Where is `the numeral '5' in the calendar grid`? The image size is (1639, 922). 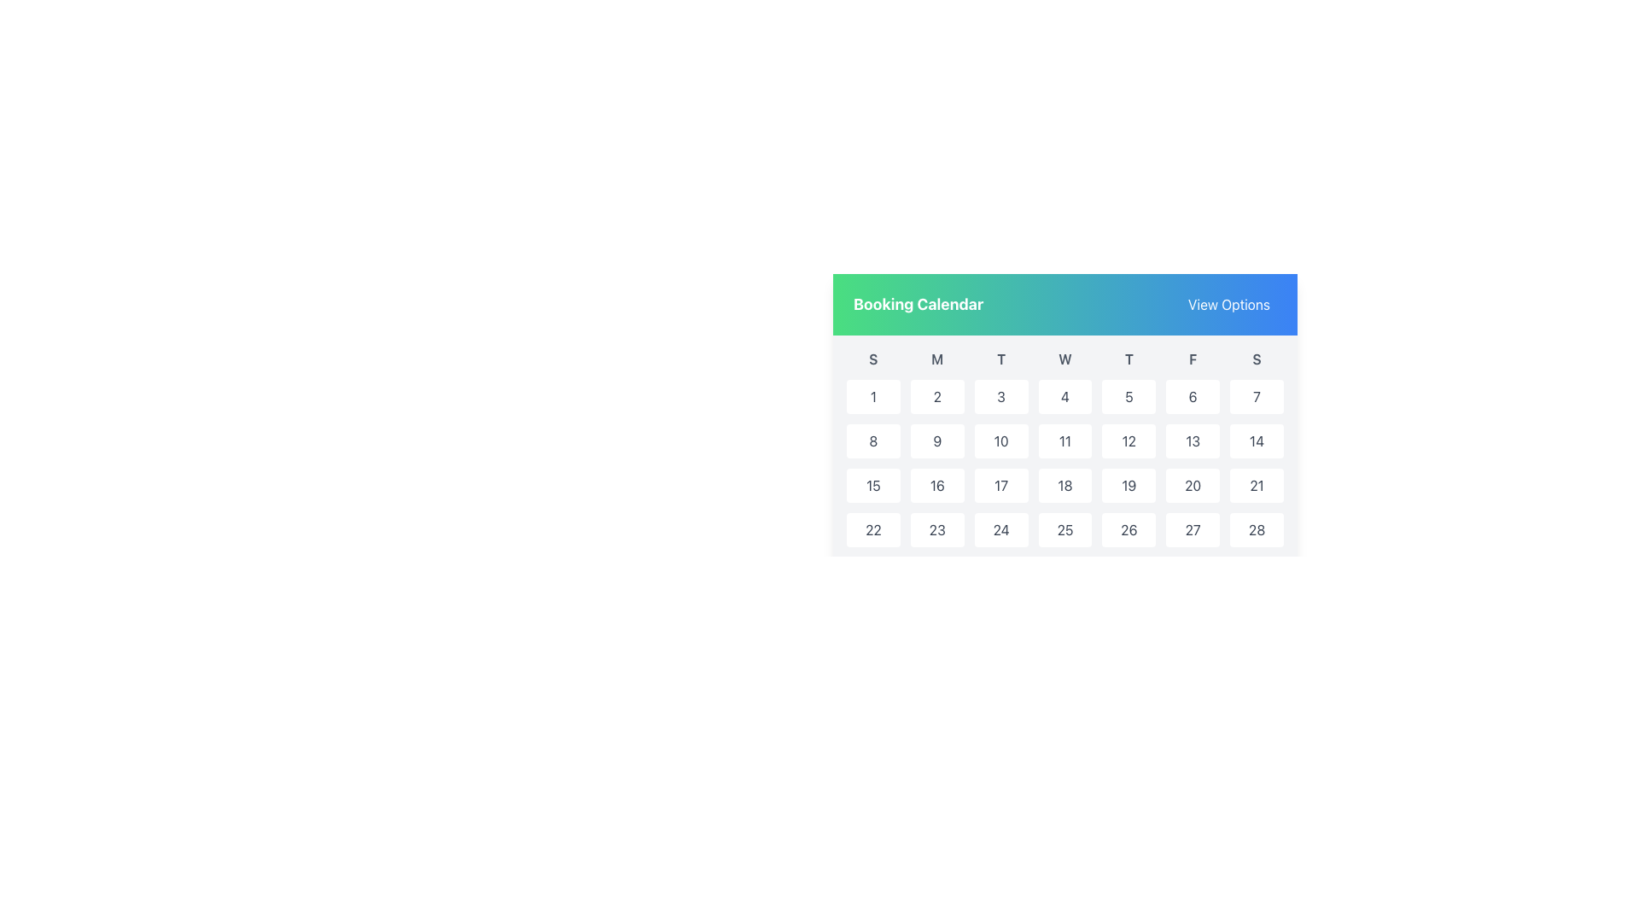
the numeral '5' in the calendar grid is located at coordinates (1129, 397).